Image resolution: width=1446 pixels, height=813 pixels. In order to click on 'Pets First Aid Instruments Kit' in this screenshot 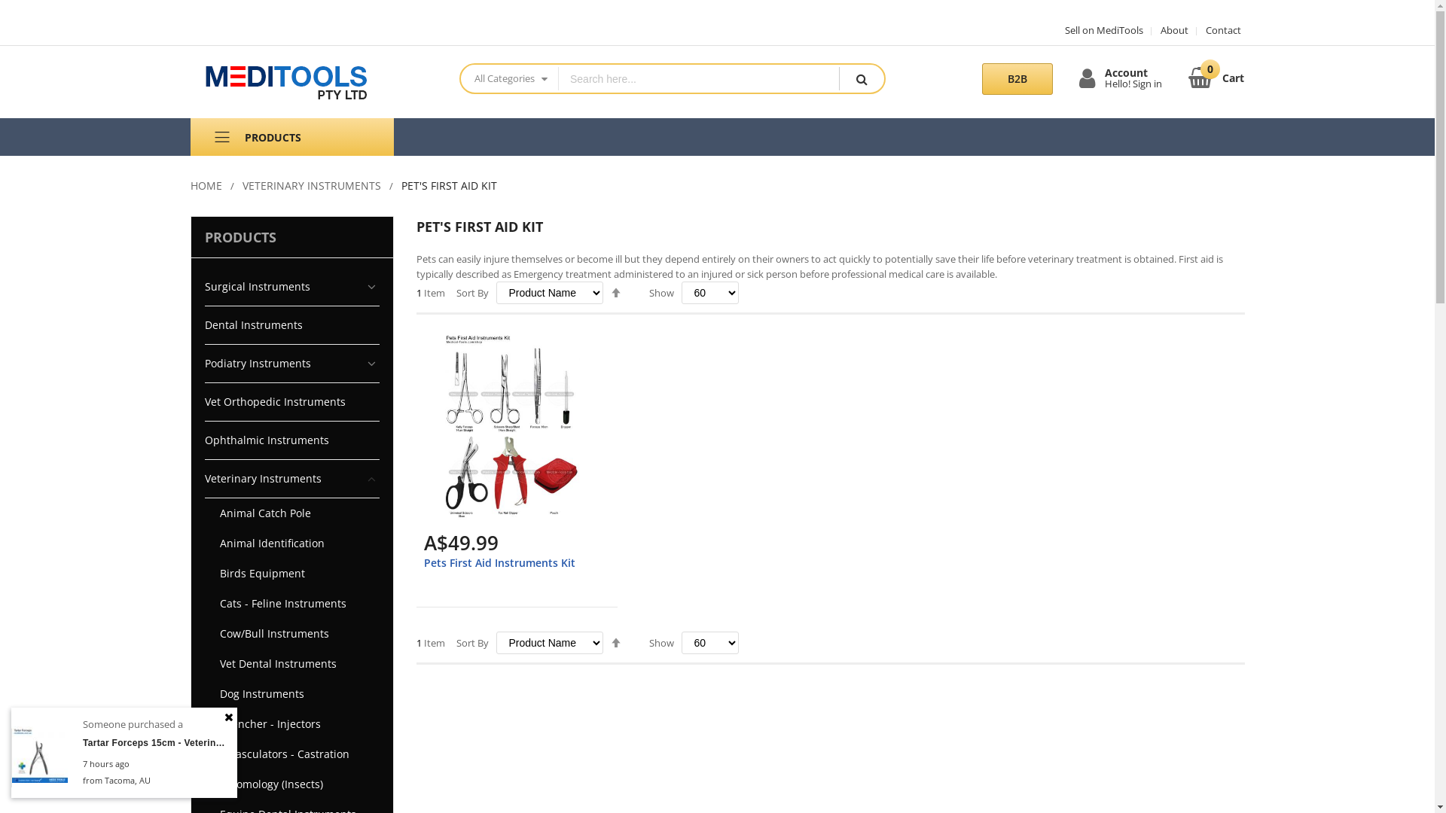, I will do `click(422, 562)`.